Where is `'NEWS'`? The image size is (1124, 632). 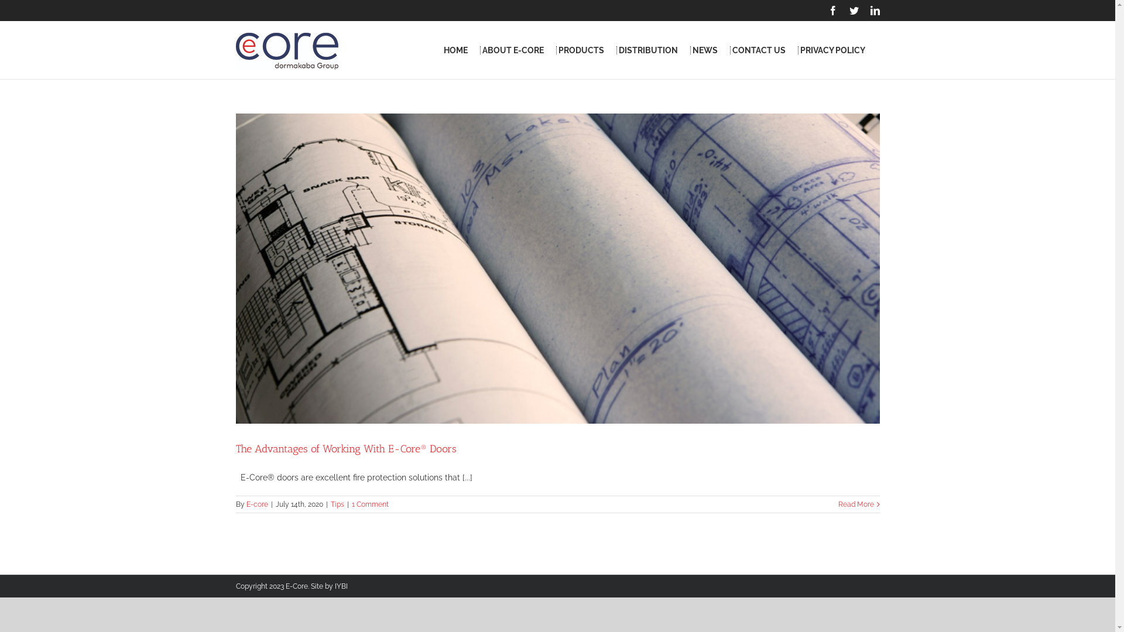 'NEWS' is located at coordinates (704, 49).